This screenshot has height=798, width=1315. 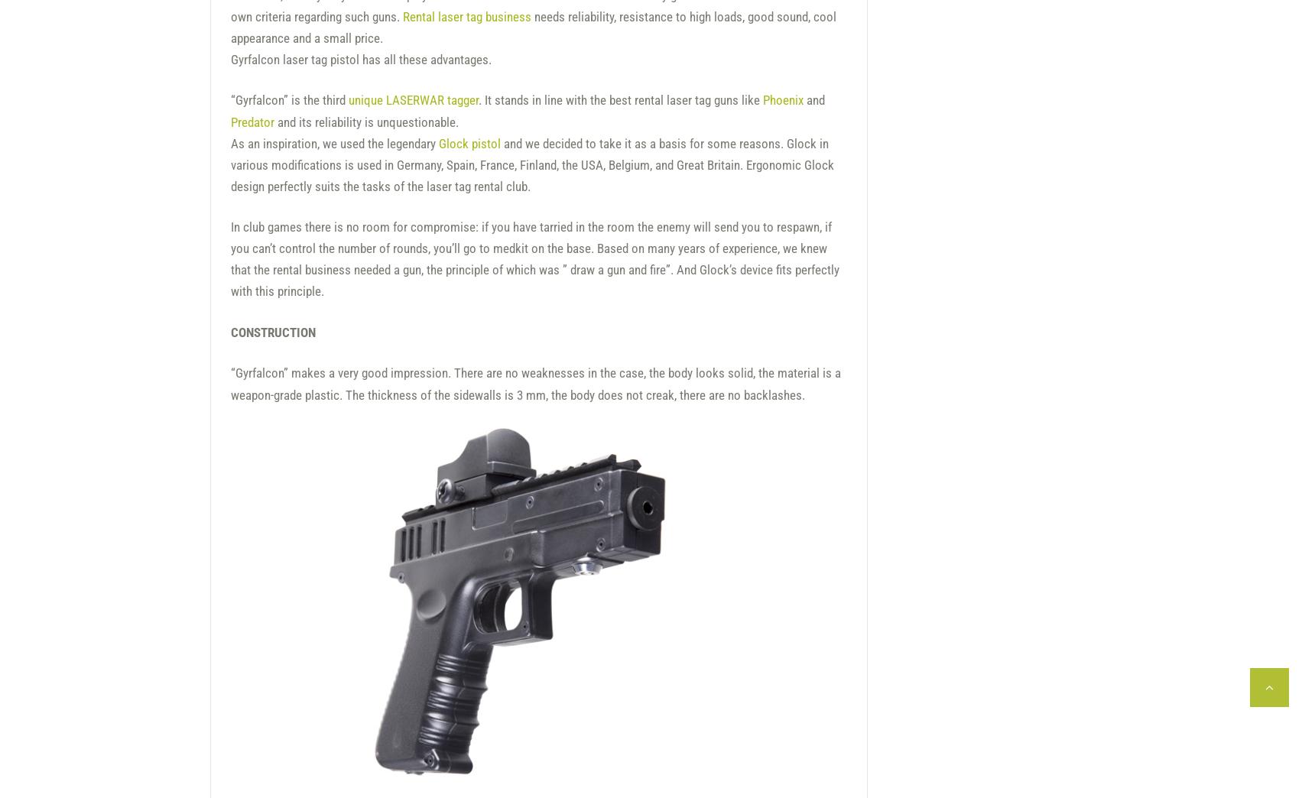 What do you see at coordinates (535, 383) in the screenshot?
I see `'“Gyrfalcon” makes a very good impression. There are no weaknesses in the case, the body looks solid, the material is a weapon-grade plastic. The thickness of the sidewalls is 3 mm, the body does not creak, there are no backlashes.'` at bounding box center [535, 383].